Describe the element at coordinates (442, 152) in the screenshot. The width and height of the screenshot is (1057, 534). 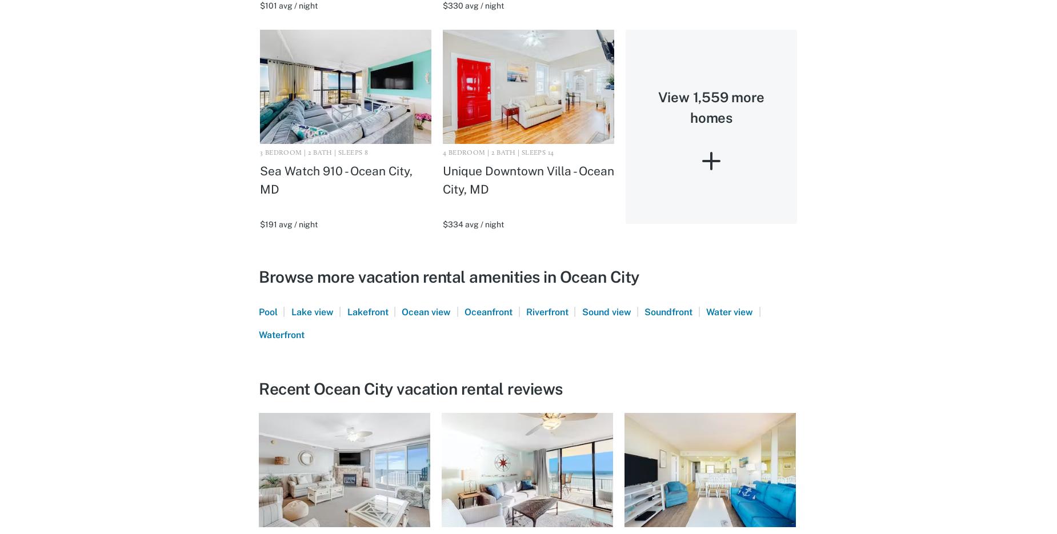
I see `'4 Bedroom | 2 Bath | Sleeps 14'` at that location.